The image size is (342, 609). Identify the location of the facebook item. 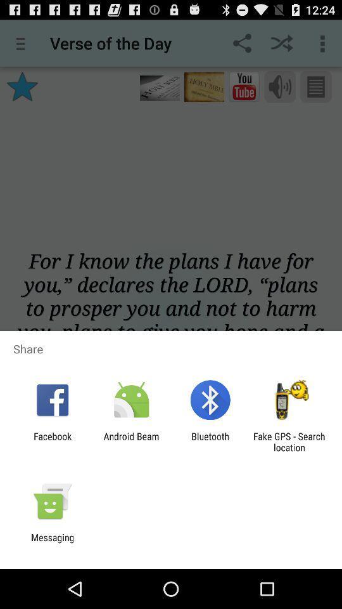
(52, 442).